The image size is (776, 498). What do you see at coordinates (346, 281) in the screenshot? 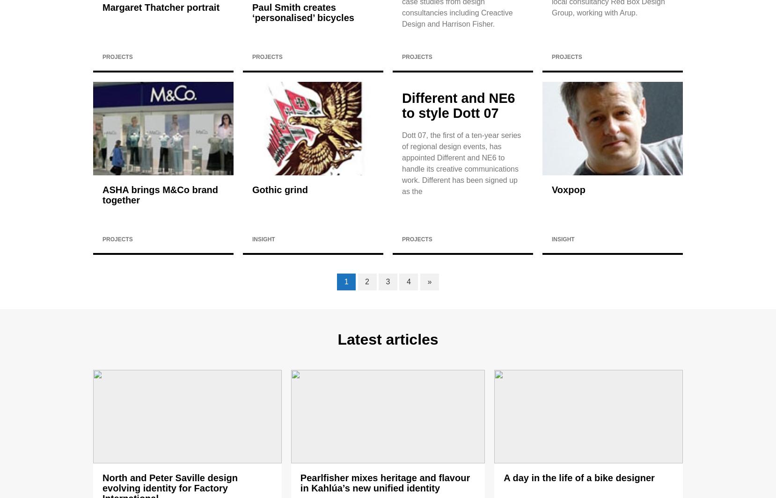
I see `'1'` at bounding box center [346, 281].